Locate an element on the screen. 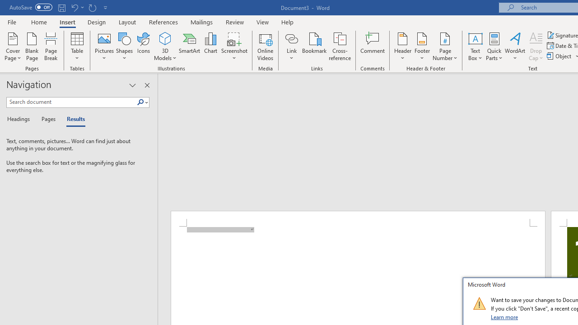 The height and width of the screenshot is (325, 578). 'Home' is located at coordinates (38, 22).